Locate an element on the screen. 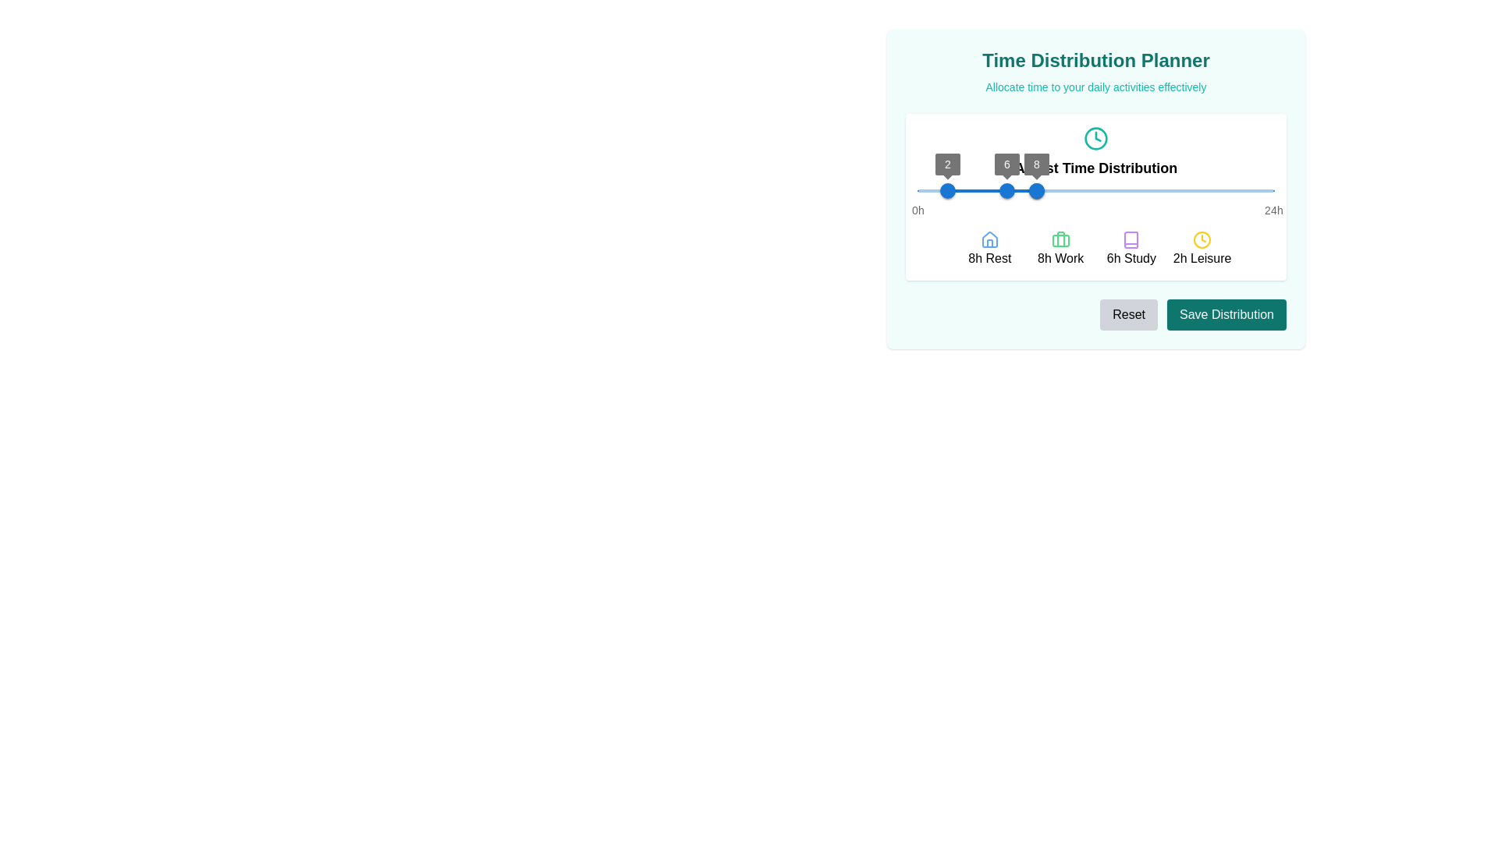 The height and width of the screenshot is (842, 1498). the 'Study' category icon in the Time Distribution Planner interface to access additional functionality is located at coordinates (1131, 240).